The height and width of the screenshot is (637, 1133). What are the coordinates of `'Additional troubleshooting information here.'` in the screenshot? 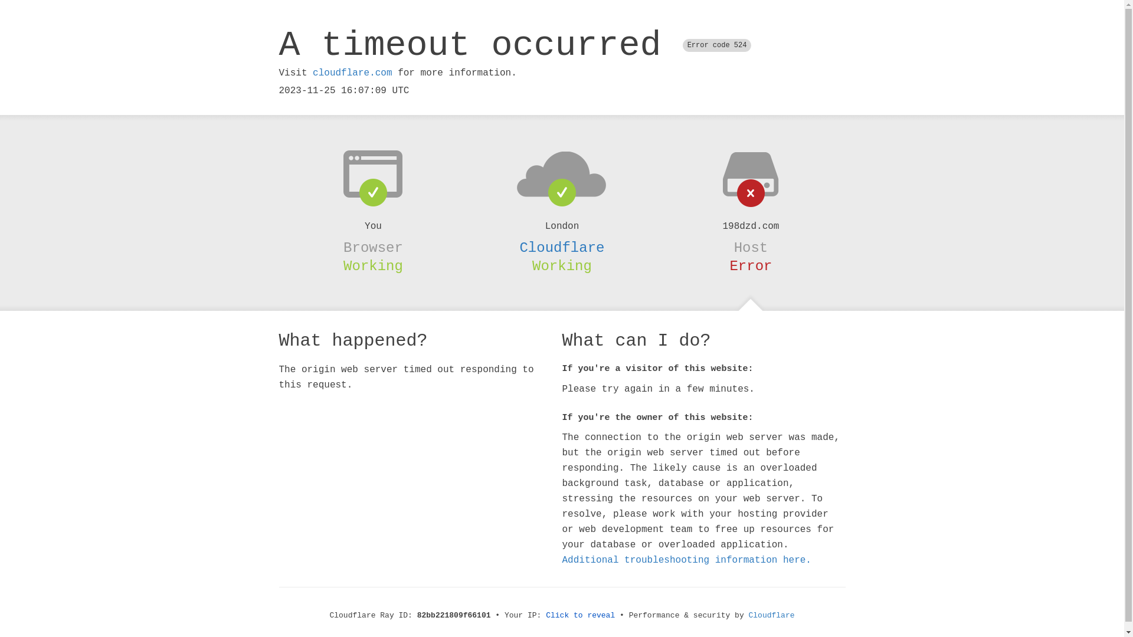 It's located at (686, 559).